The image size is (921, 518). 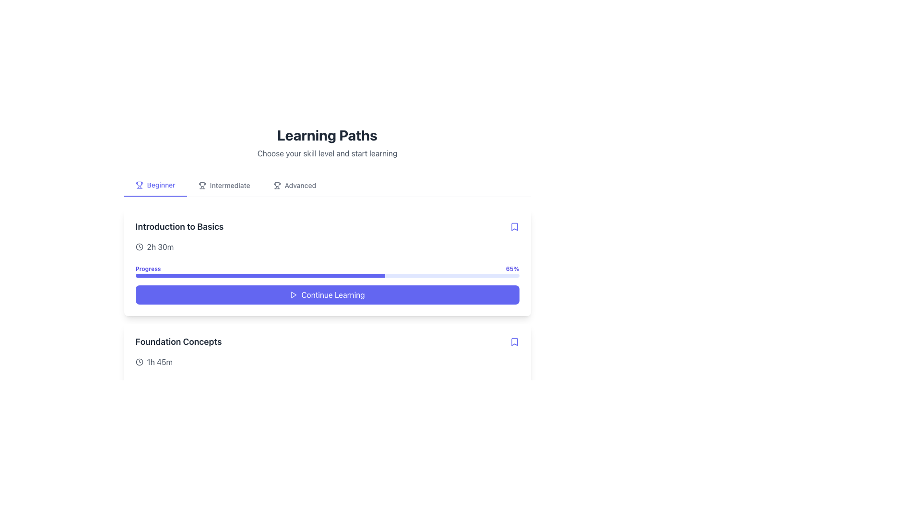 I want to click on progress bar, so click(x=389, y=275).